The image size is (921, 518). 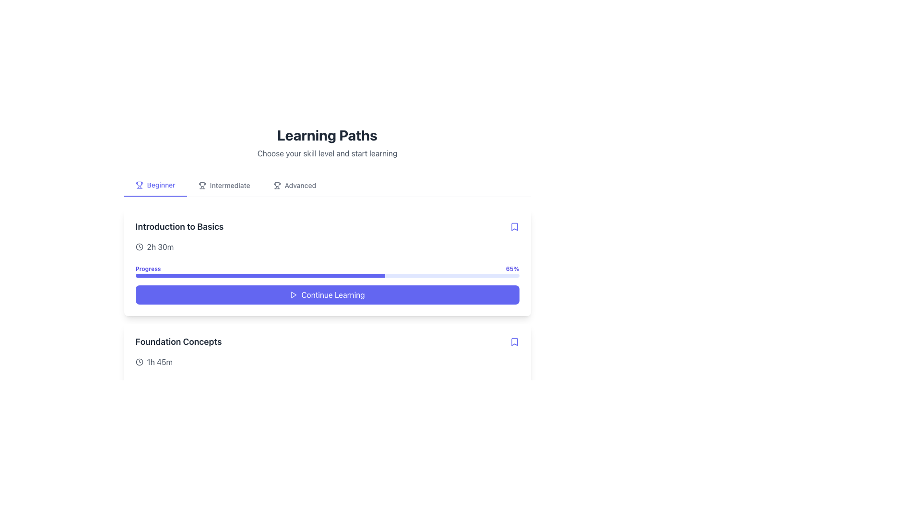 I want to click on progress bar, so click(x=389, y=275).